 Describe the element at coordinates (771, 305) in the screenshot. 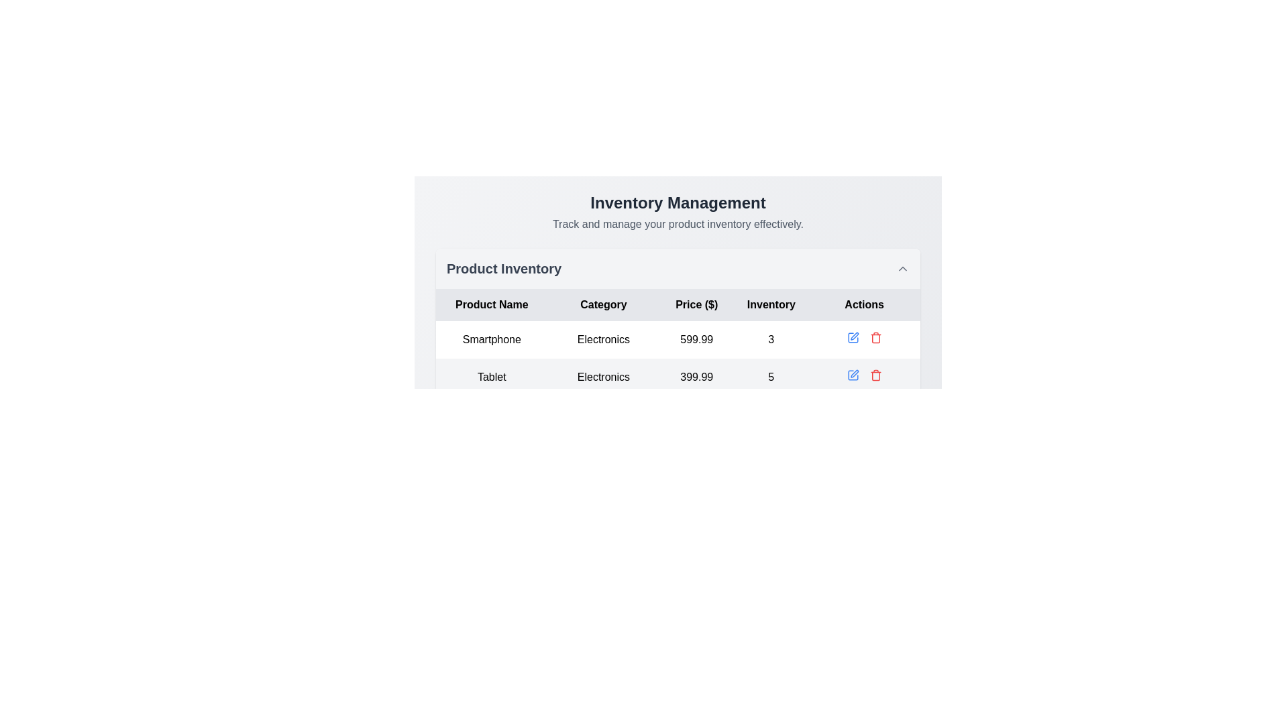

I see `the fourth column header of the table, which indicates the inventory quantities for the listed products, positioned between the 'Price ($)' column and the 'Actions' column` at that location.